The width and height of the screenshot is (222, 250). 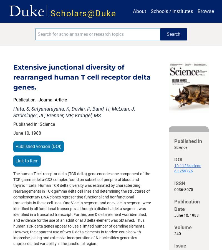 What do you see at coordinates (172, 11) in the screenshot?
I see `'Schools / Institutes'` at bounding box center [172, 11].